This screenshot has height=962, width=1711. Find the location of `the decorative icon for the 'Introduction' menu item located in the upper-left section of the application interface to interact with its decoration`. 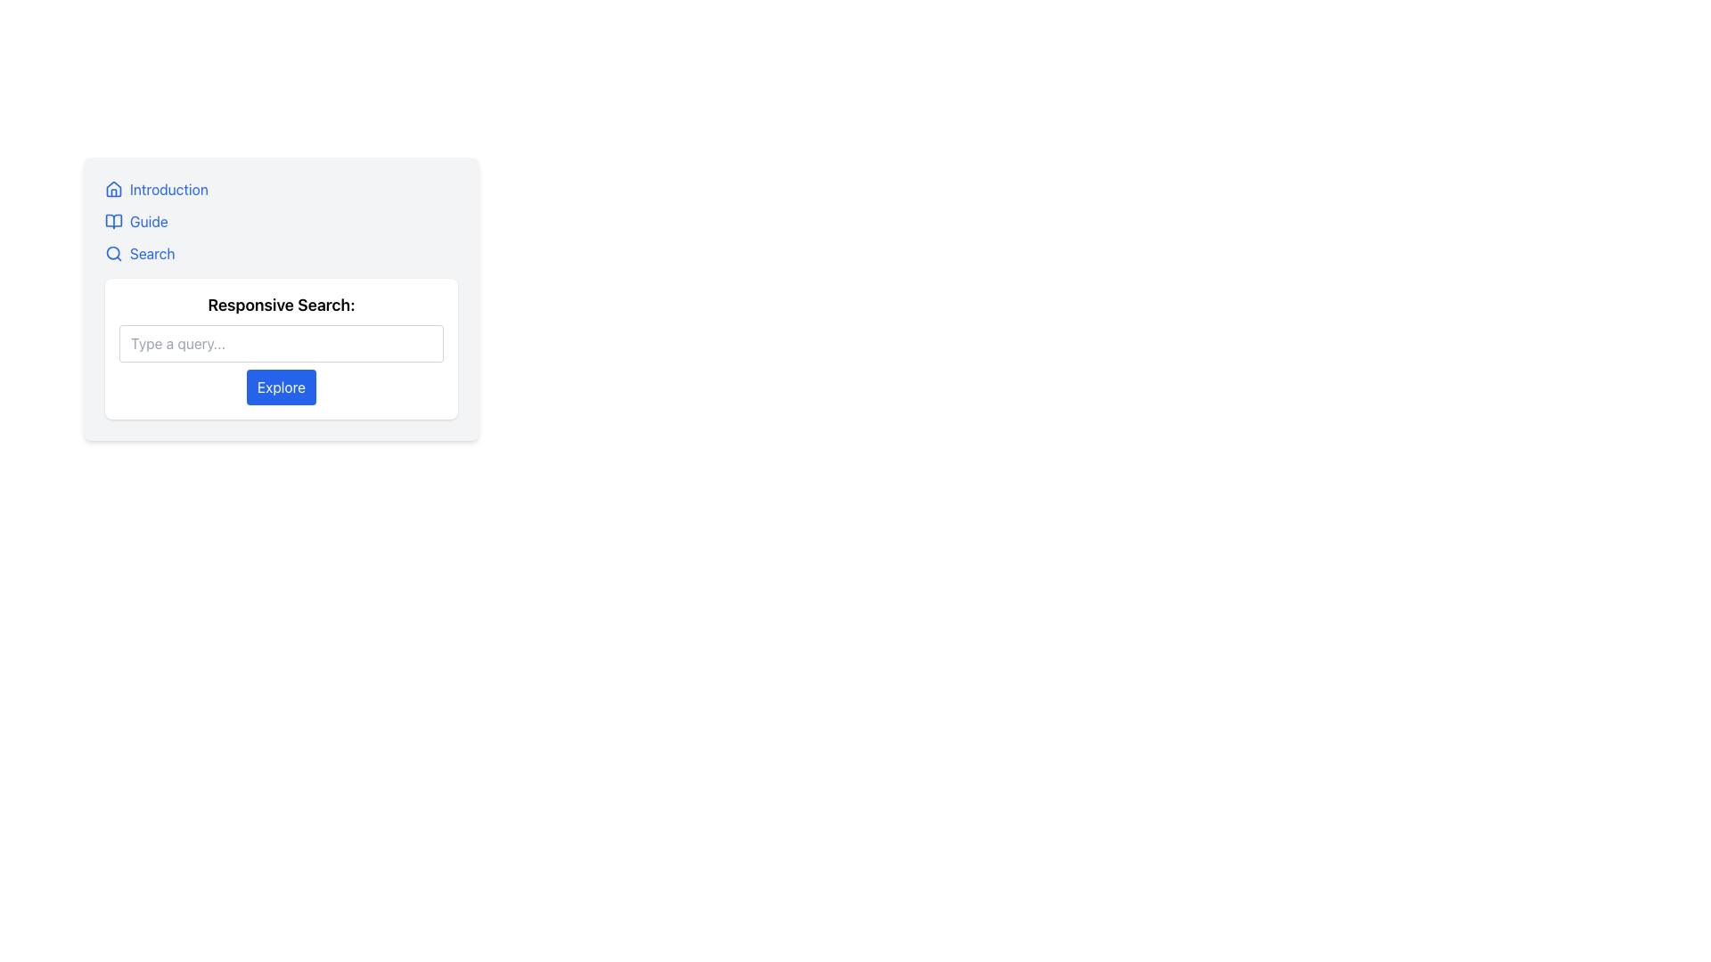

the decorative icon for the 'Introduction' menu item located in the upper-left section of the application interface to interact with its decoration is located at coordinates (113, 189).